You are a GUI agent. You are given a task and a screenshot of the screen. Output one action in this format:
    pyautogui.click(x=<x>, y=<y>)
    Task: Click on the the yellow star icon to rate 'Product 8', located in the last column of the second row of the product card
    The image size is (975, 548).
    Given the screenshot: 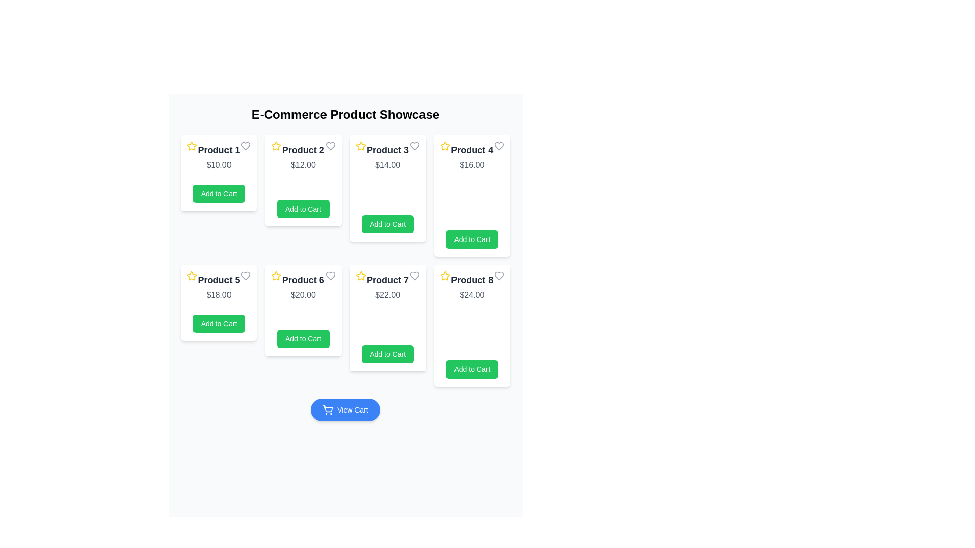 What is the action you would take?
    pyautogui.click(x=445, y=276)
    